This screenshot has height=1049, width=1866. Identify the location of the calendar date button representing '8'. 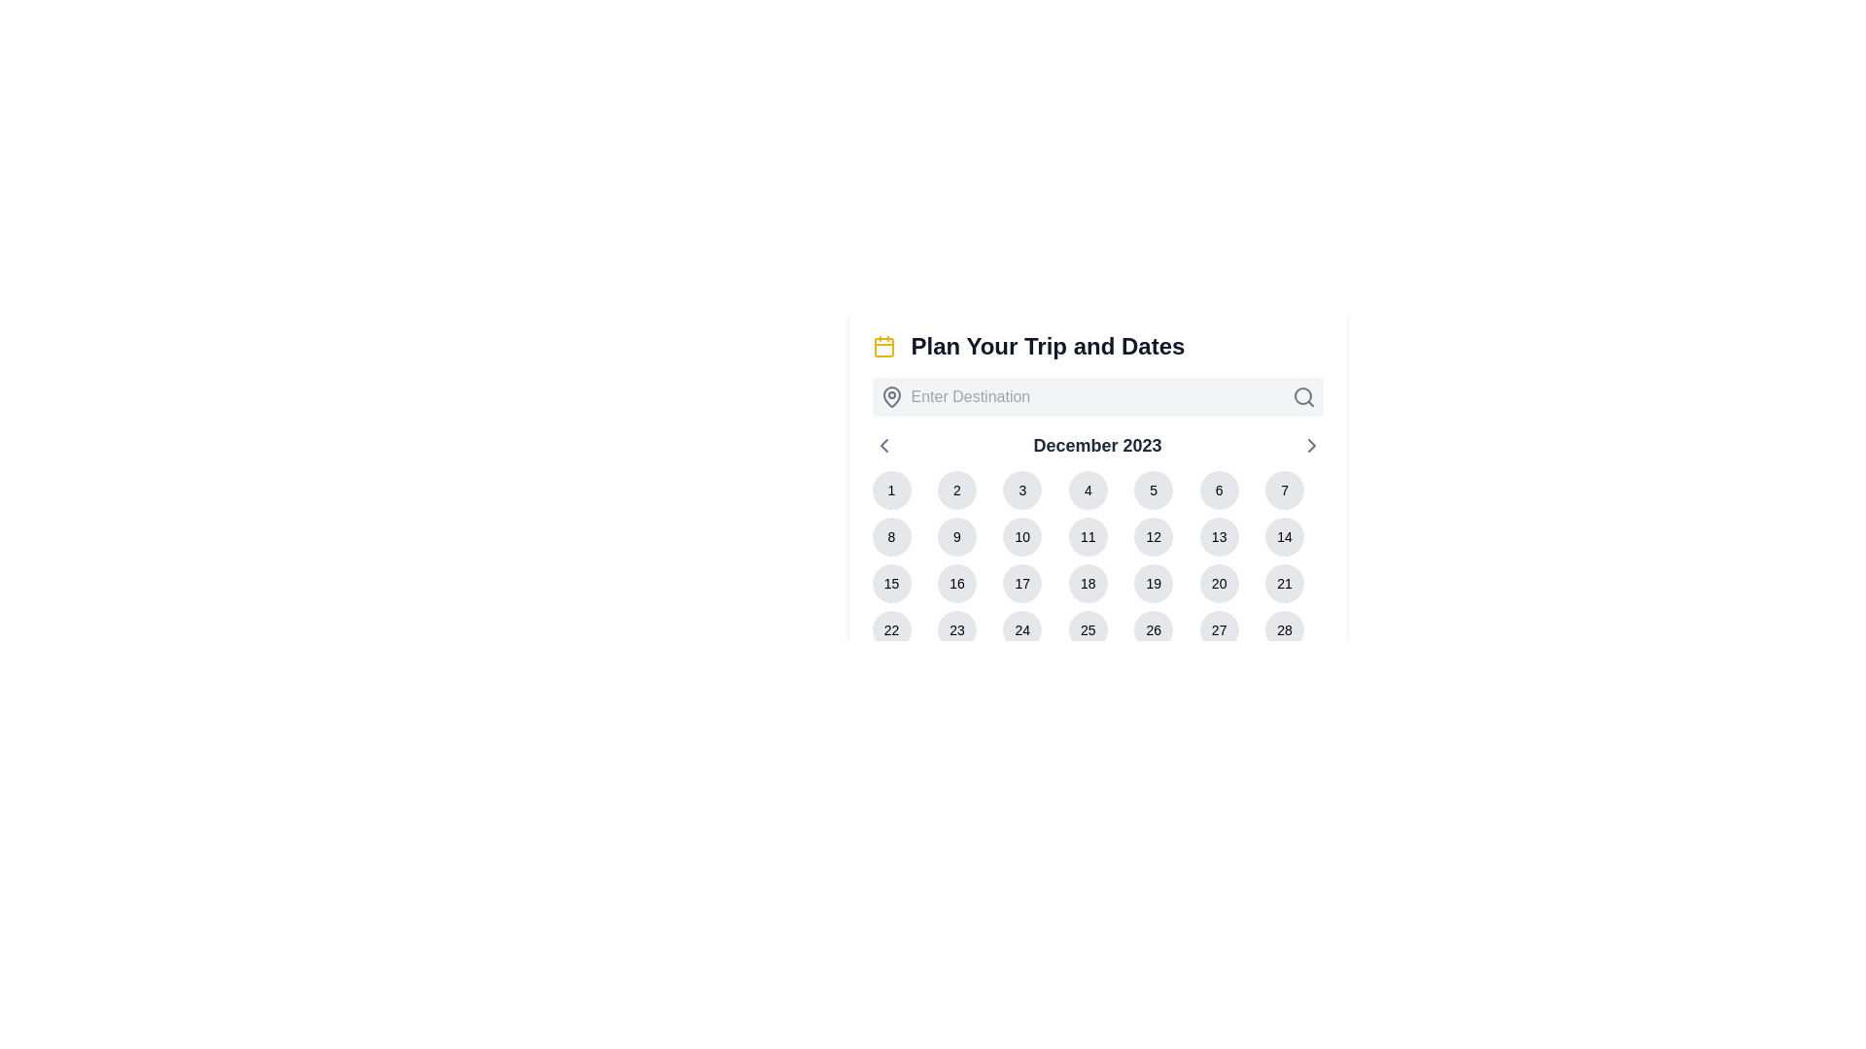
(890, 536).